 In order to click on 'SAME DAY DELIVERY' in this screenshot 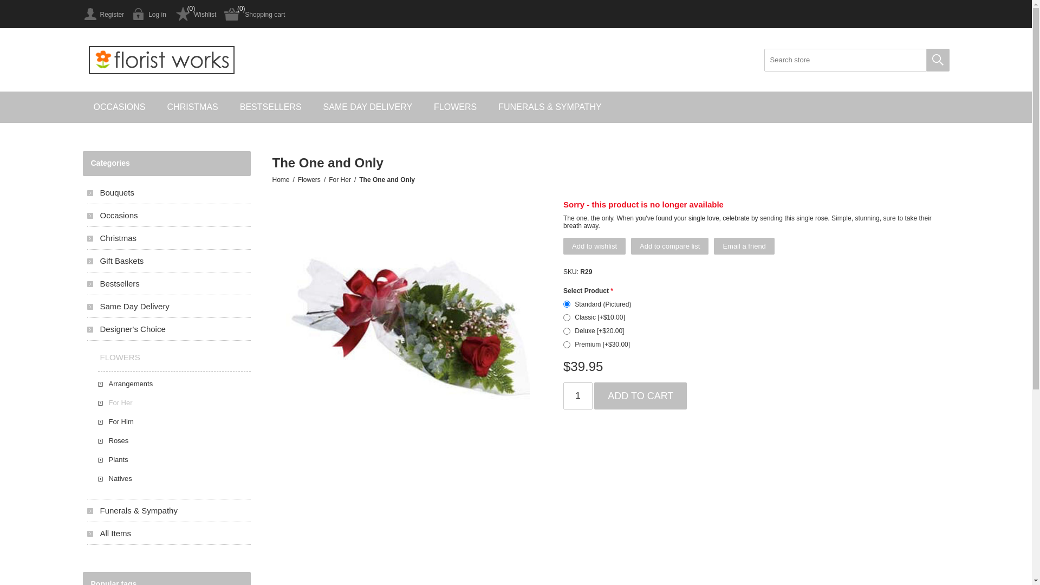, I will do `click(311, 107)`.